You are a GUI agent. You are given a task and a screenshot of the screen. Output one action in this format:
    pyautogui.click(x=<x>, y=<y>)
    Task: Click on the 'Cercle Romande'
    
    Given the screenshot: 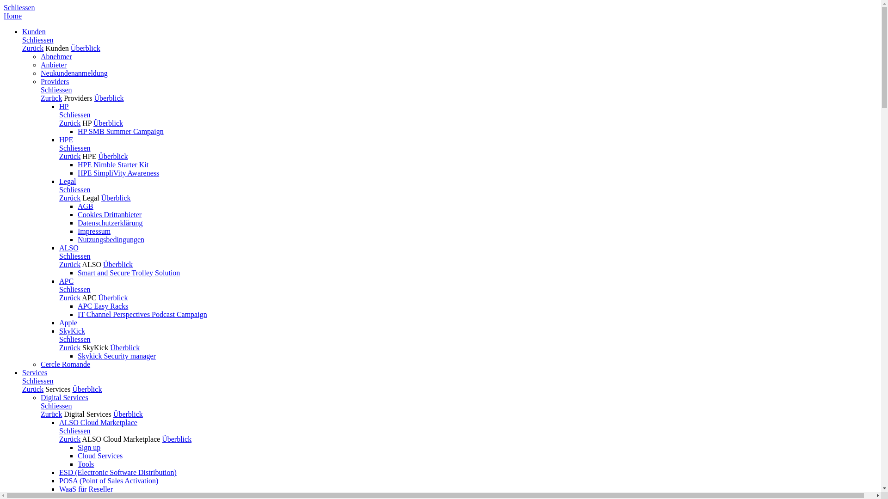 What is the action you would take?
    pyautogui.click(x=65, y=364)
    